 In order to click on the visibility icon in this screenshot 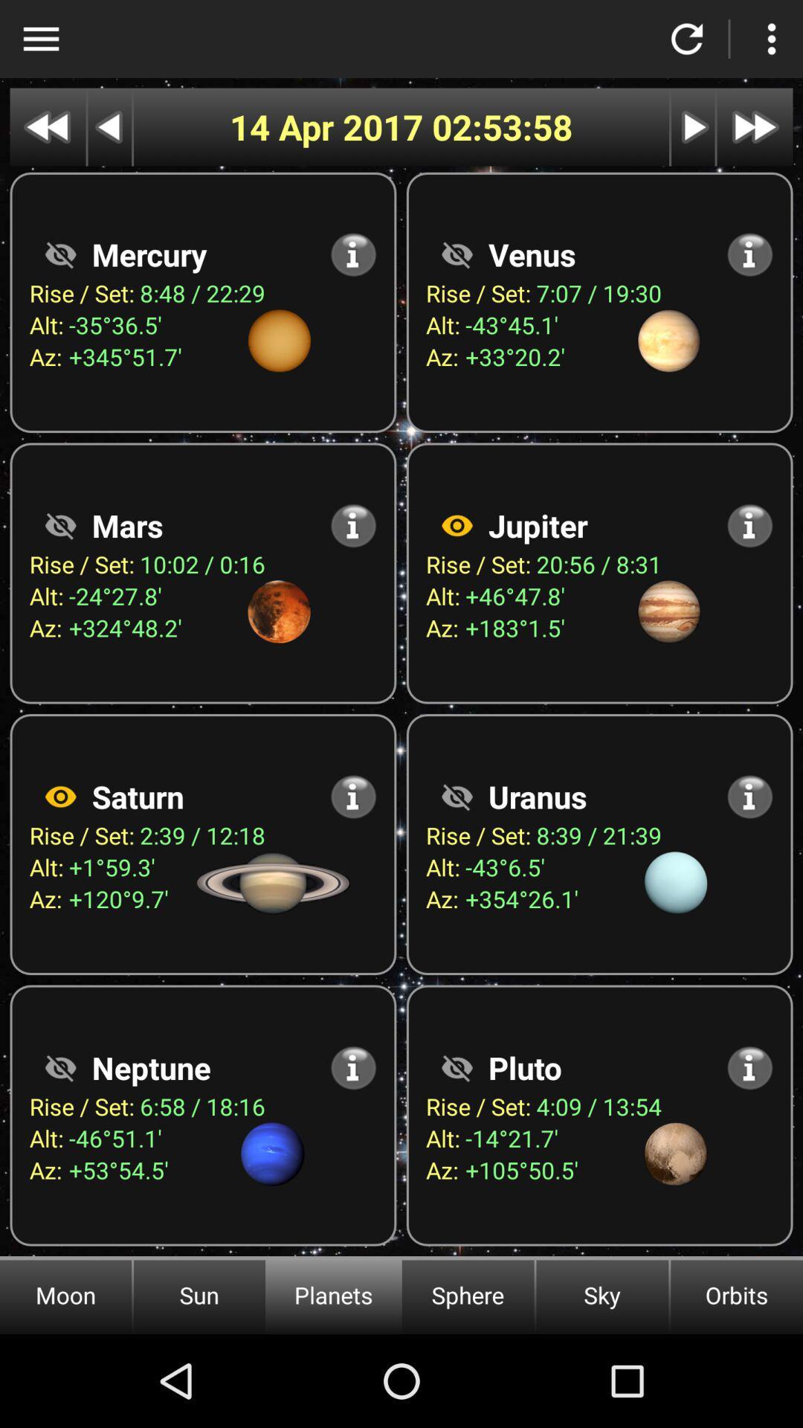, I will do `click(456, 525)`.